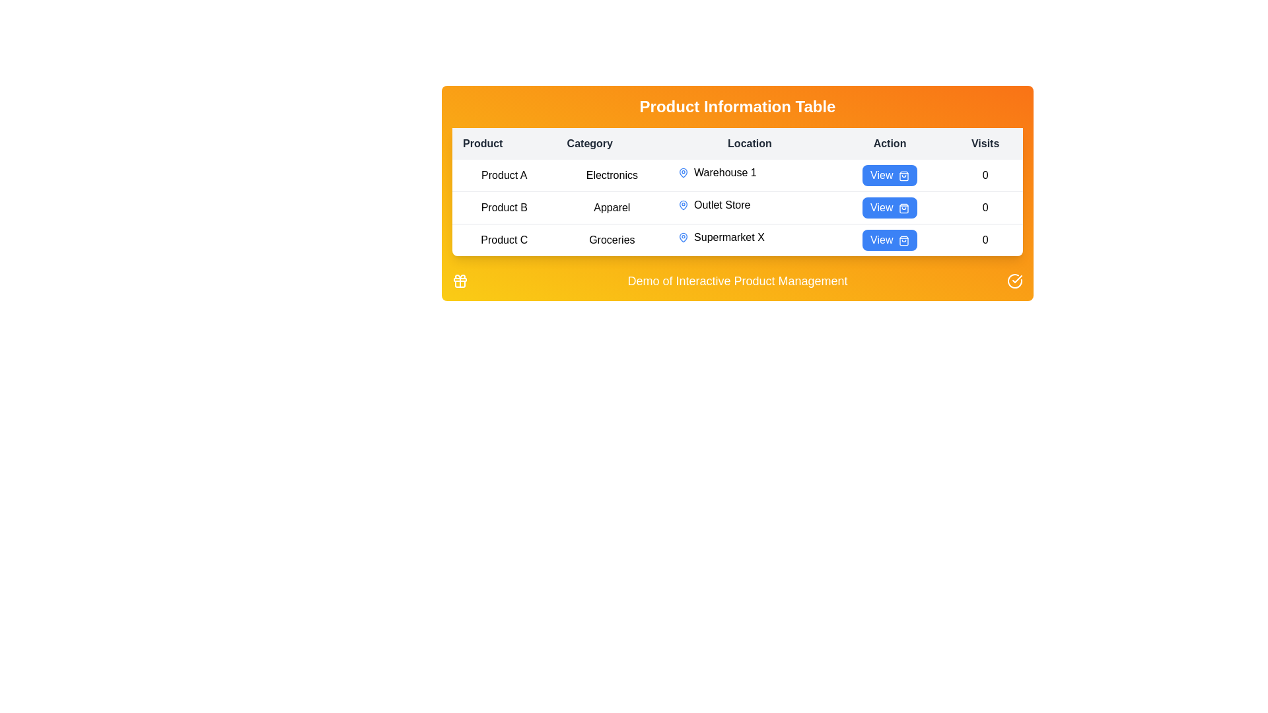 The width and height of the screenshot is (1268, 713). What do you see at coordinates (750, 205) in the screenshot?
I see `the 'Outlet Store' text label in the 'Location' column of the second row of the table, which is positioned next to 'Apparel' and precedes the 'View' button` at bounding box center [750, 205].